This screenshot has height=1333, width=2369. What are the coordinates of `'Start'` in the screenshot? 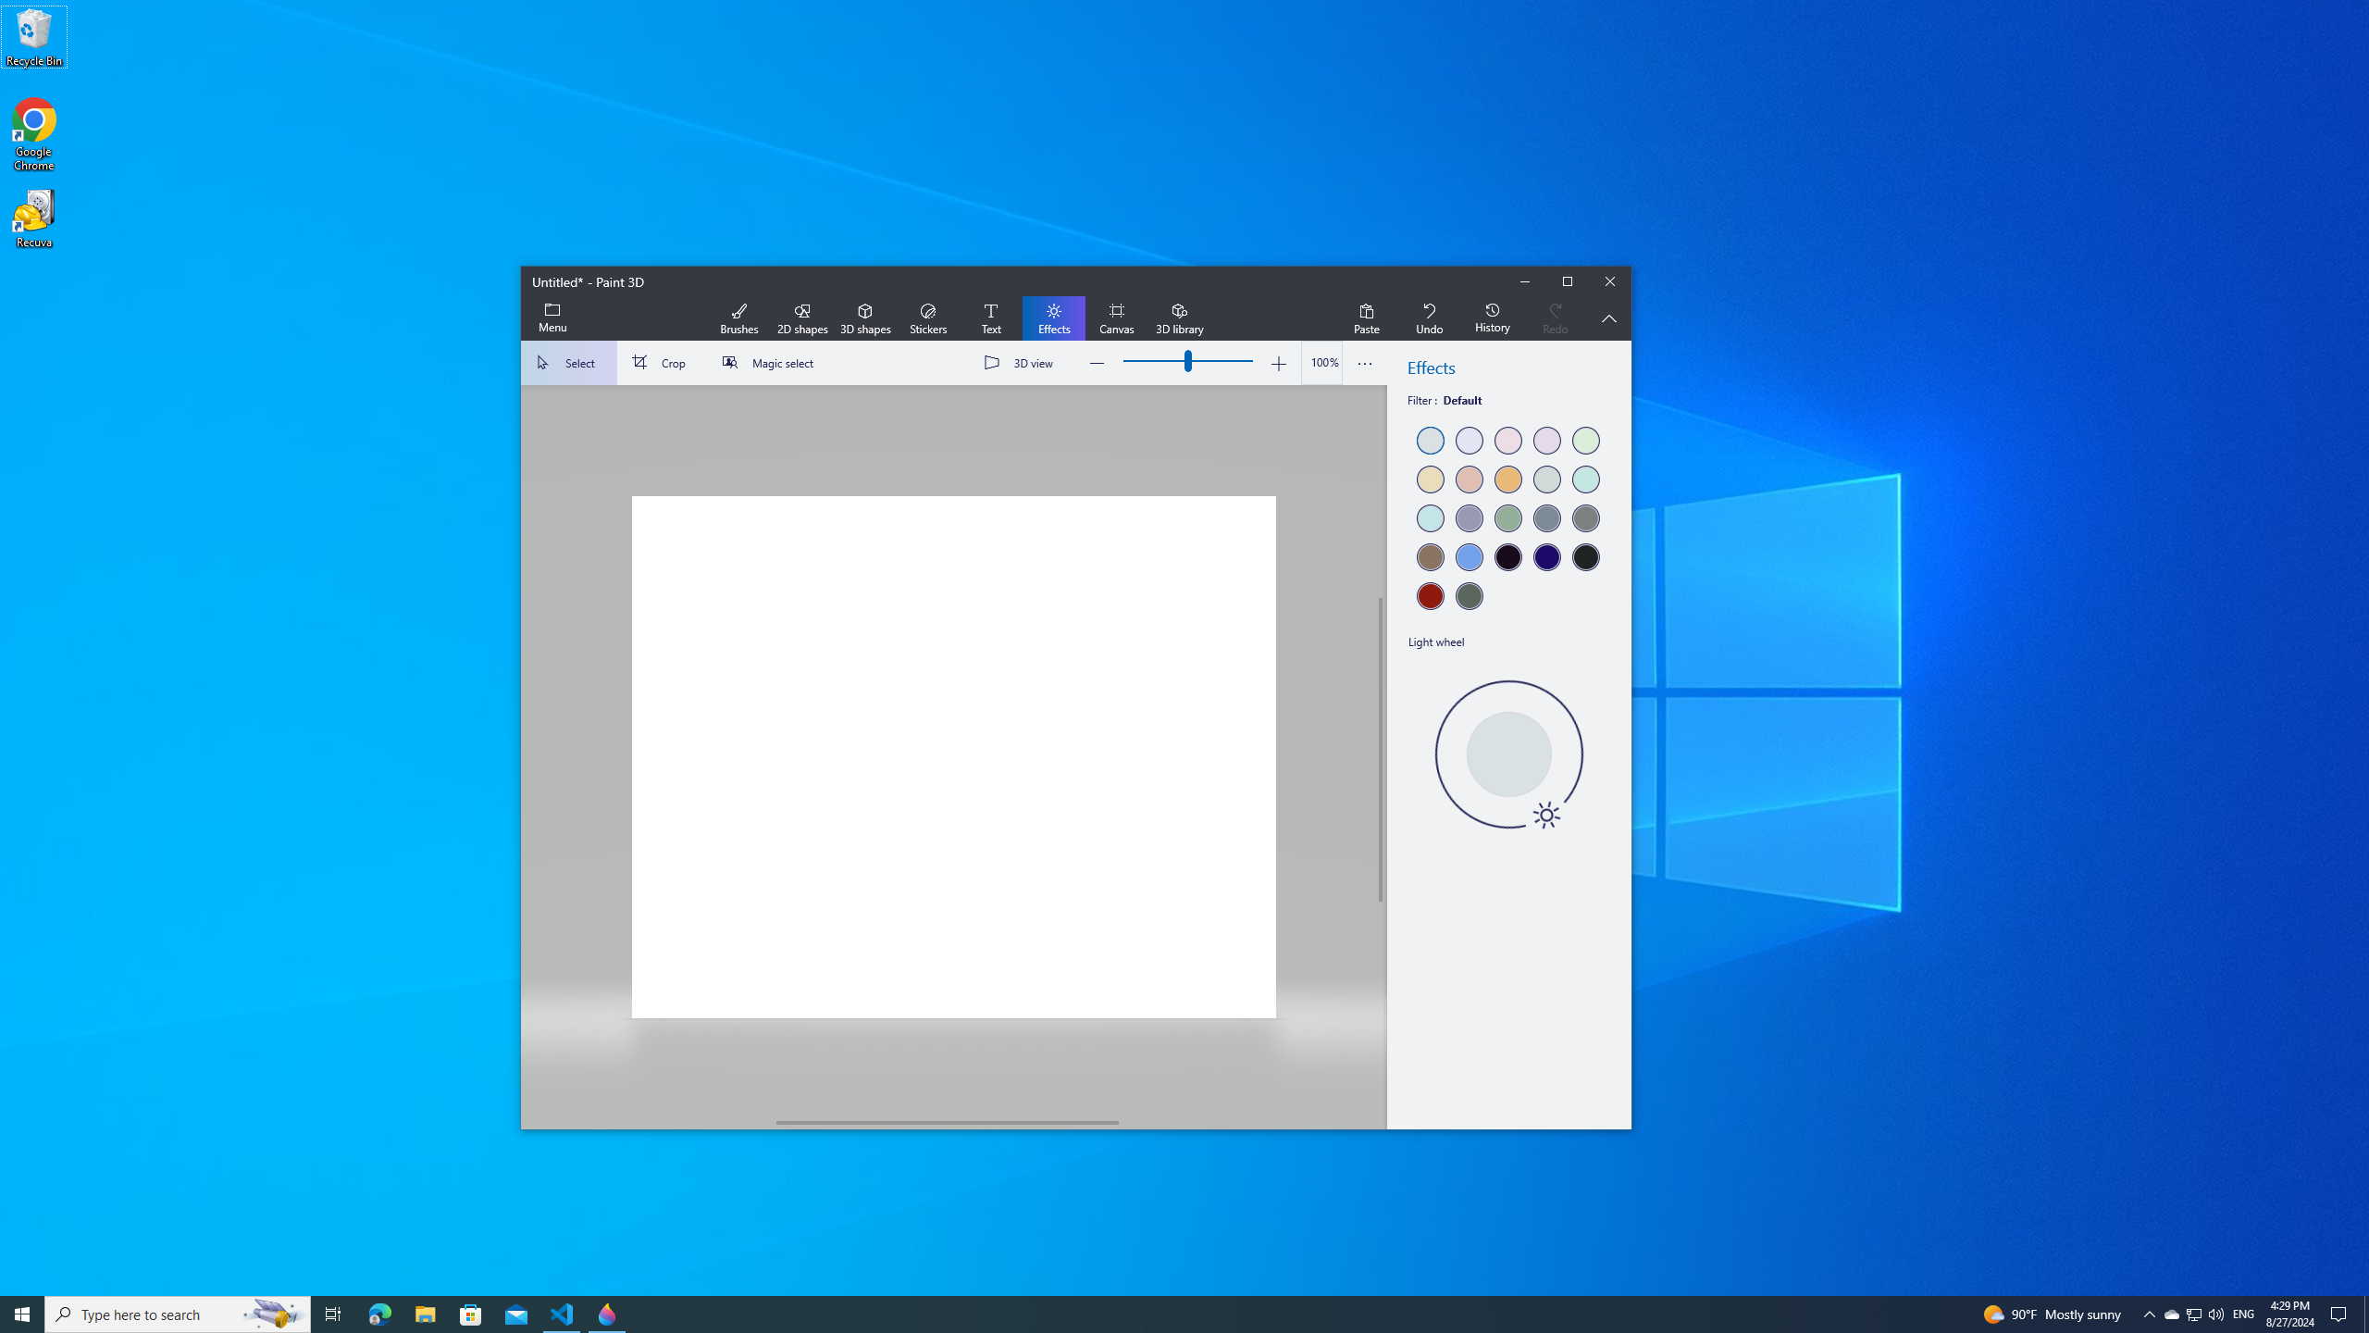 It's located at (22, 1313).